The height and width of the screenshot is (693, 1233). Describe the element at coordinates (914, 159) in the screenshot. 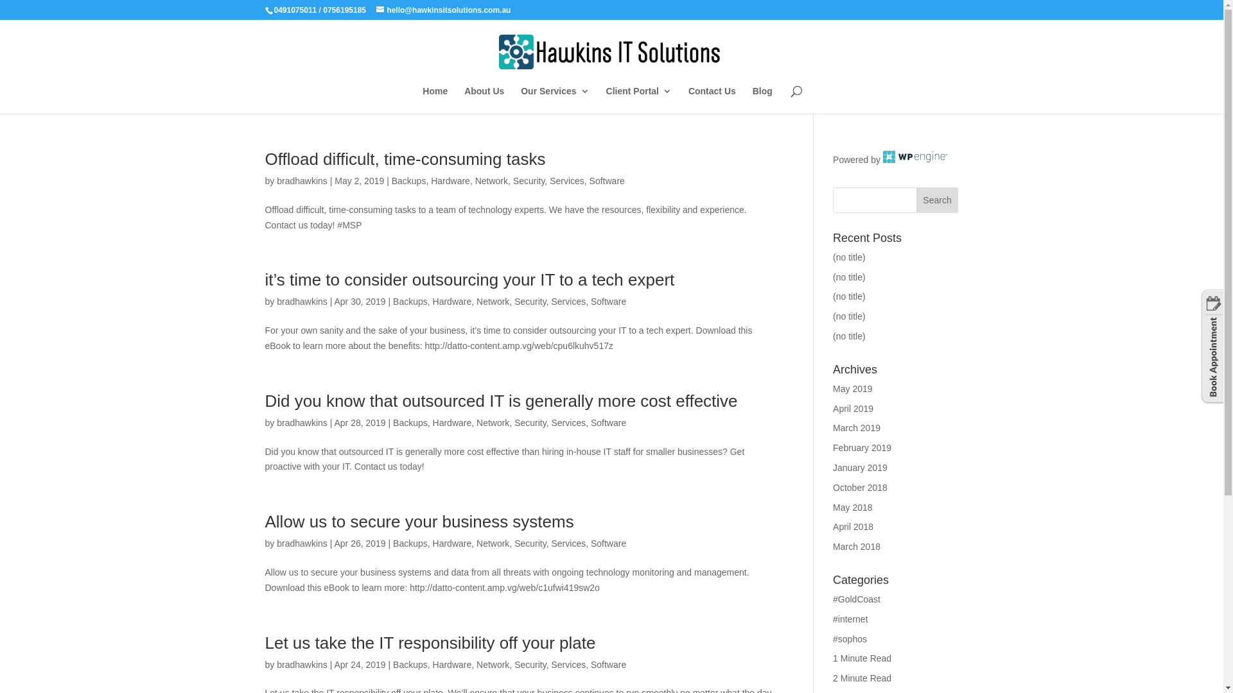

I see `'Managed WordPress Hosting'` at that location.